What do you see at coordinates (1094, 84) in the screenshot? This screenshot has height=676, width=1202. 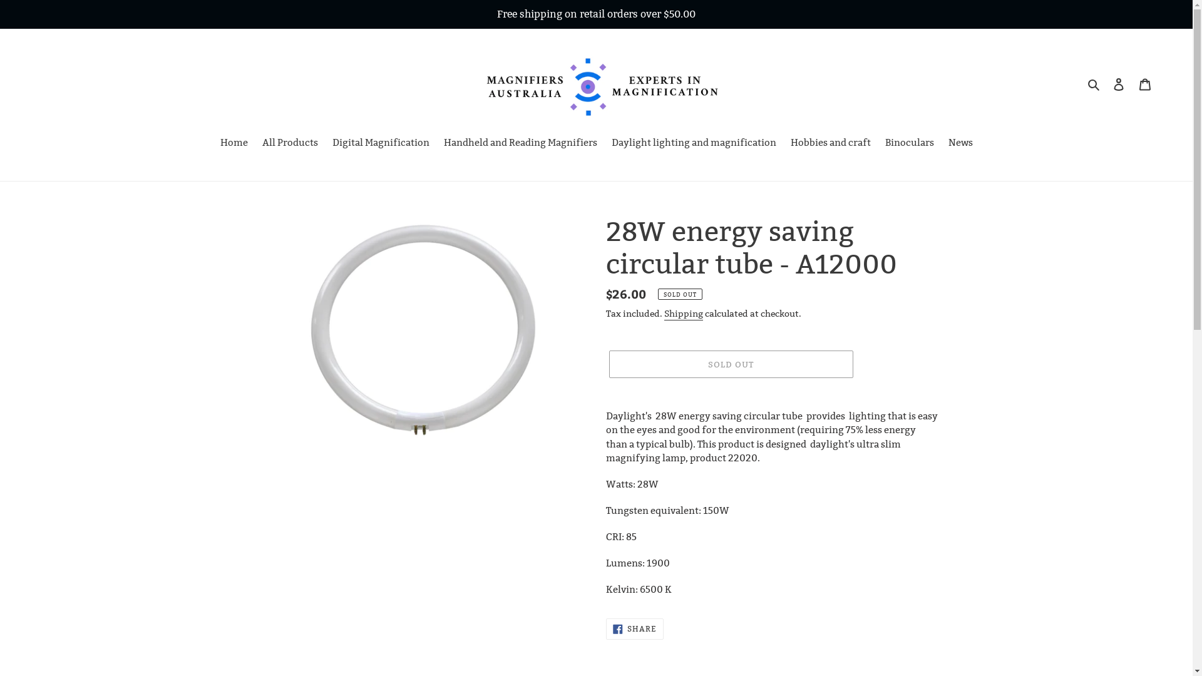 I see `'Search'` at bounding box center [1094, 84].